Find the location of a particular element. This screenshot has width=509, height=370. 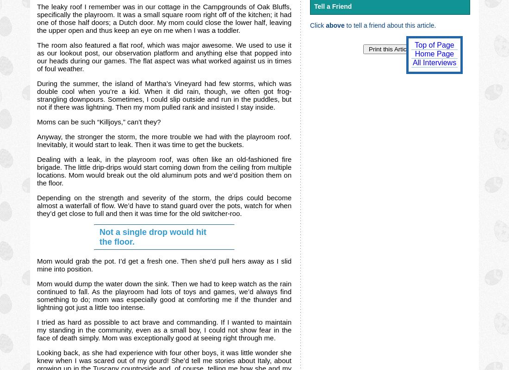

'Not a single drop would hit the floor.' is located at coordinates (152, 236).